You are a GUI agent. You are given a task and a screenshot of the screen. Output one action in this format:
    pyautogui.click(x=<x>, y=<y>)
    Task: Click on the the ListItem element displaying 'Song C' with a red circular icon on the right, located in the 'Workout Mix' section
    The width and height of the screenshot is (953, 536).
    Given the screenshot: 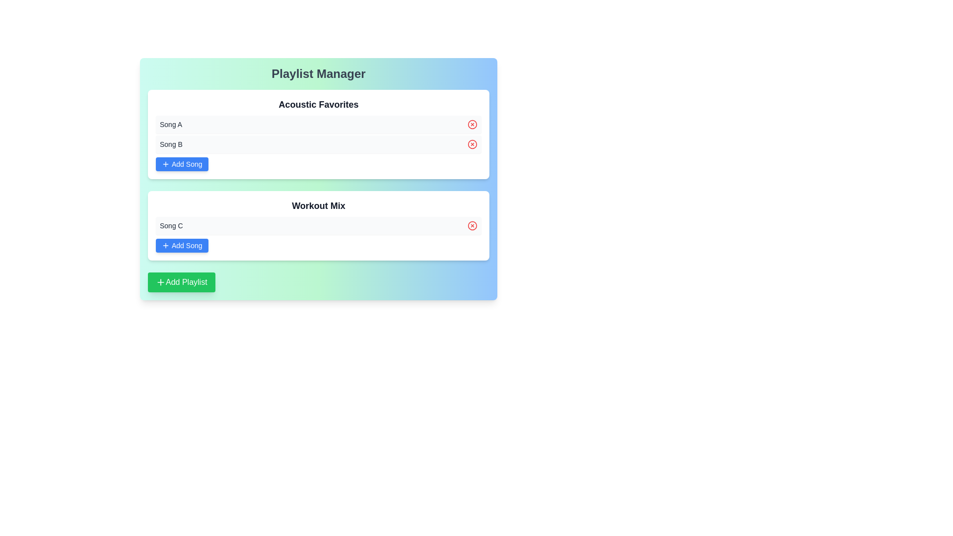 What is the action you would take?
    pyautogui.click(x=319, y=226)
    